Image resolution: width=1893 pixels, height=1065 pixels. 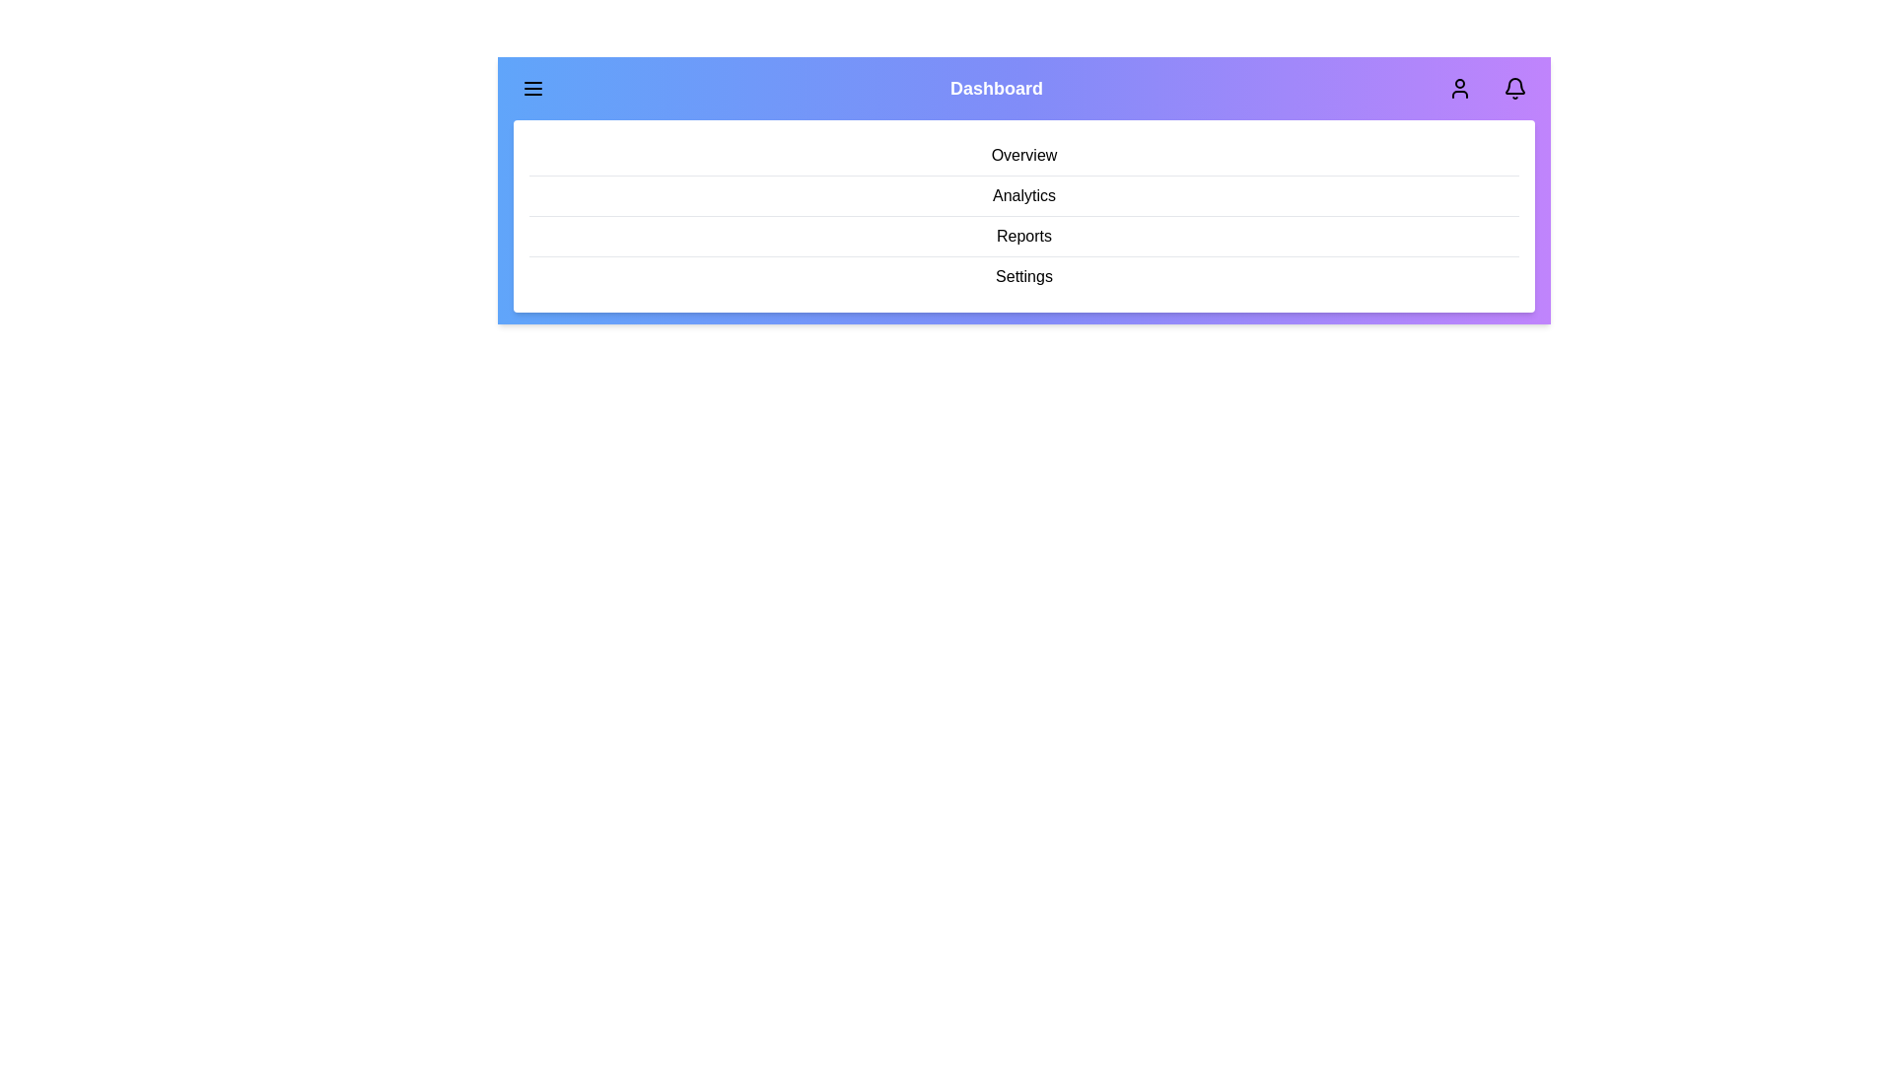 I want to click on the 'Bell' icon in the HighlightAppBar component, so click(x=1513, y=87).